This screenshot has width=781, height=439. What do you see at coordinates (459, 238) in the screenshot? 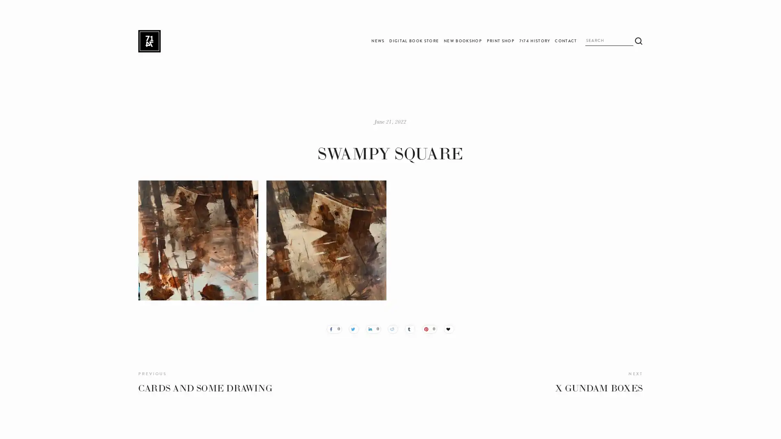
I see `Subscribe` at bounding box center [459, 238].